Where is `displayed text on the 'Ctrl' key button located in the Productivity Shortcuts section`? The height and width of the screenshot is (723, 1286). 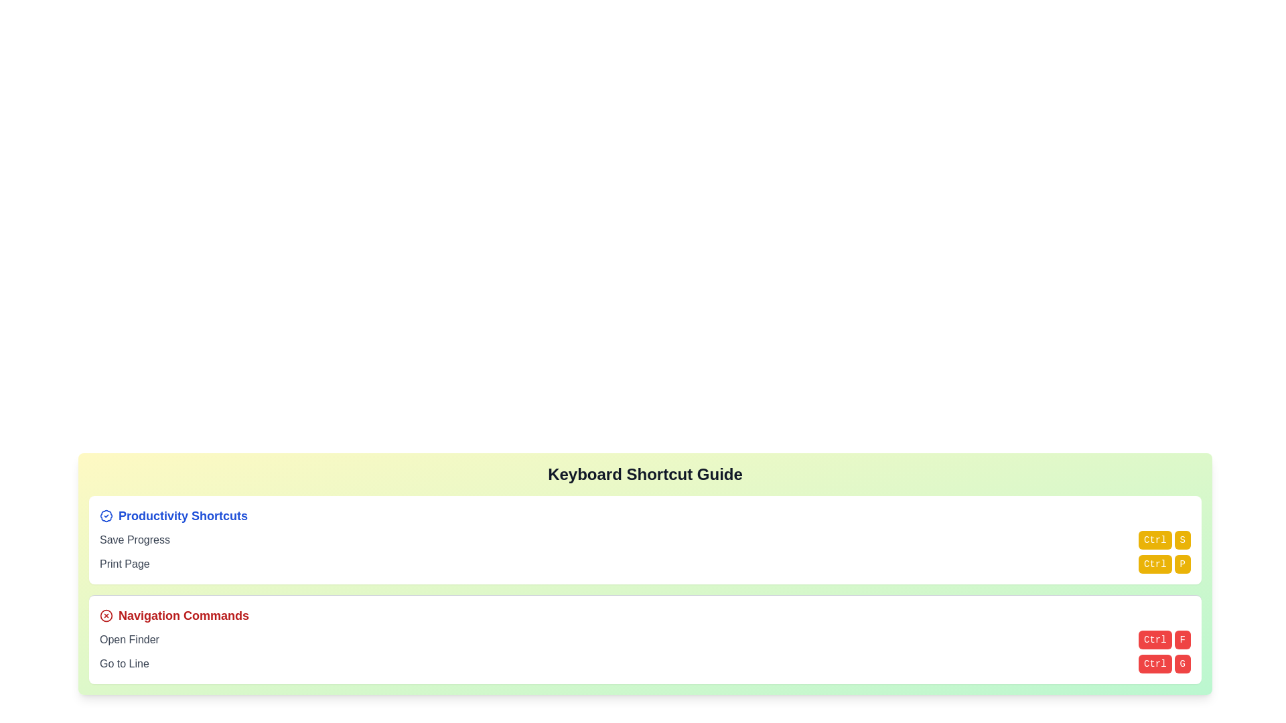
displayed text on the 'Ctrl' key button located in the Productivity Shortcuts section is located at coordinates (1154, 539).